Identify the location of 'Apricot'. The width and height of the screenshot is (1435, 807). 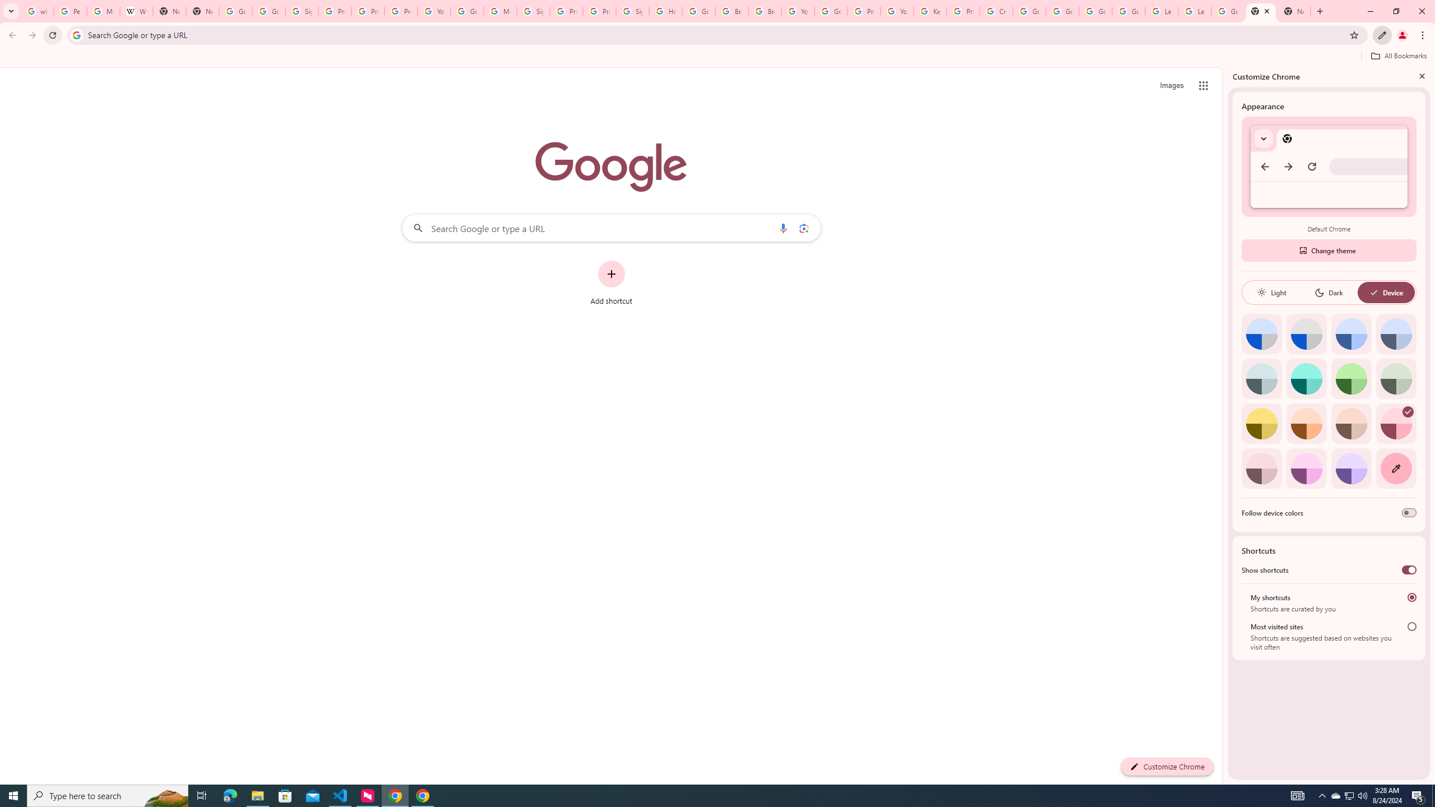
(1351, 423).